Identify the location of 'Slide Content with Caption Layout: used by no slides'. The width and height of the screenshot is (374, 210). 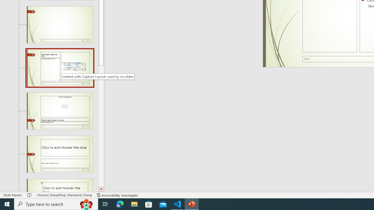
(60, 67).